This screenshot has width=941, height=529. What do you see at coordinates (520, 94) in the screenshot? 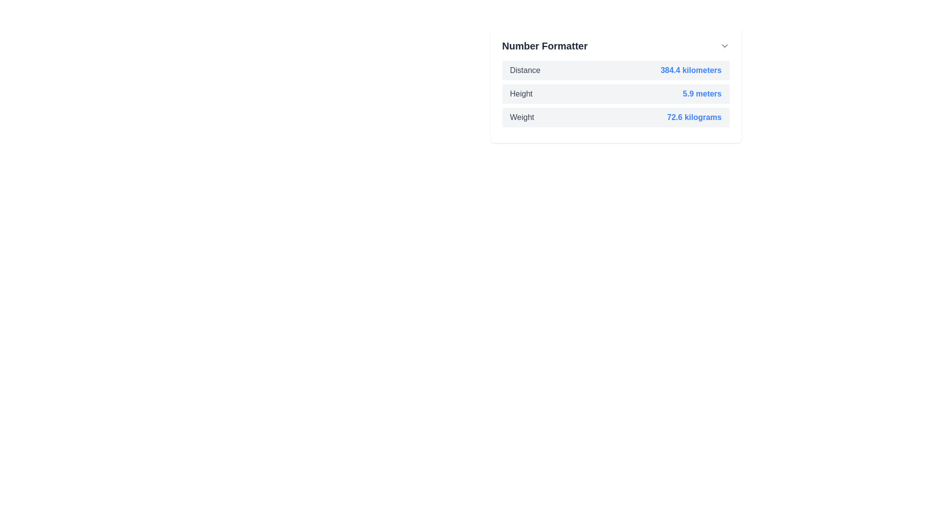
I see `the 'Height' label which is styled in gray and positioned at the beginning of a row, distinguished by a light gray rectangular background` at bounding box center [520, 94].